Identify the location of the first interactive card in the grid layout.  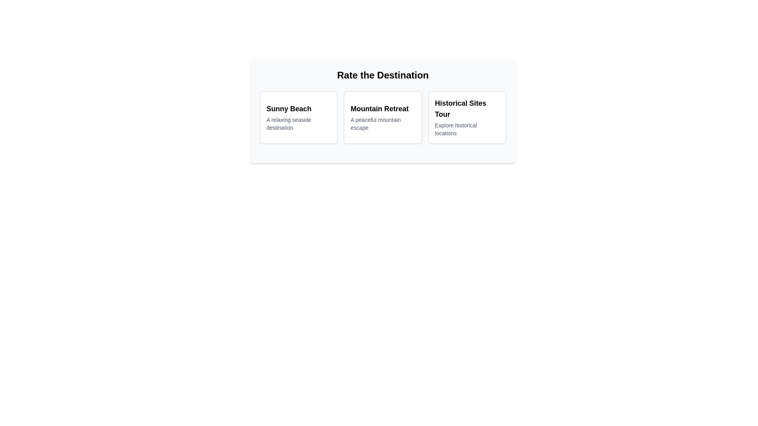
(298, 117).